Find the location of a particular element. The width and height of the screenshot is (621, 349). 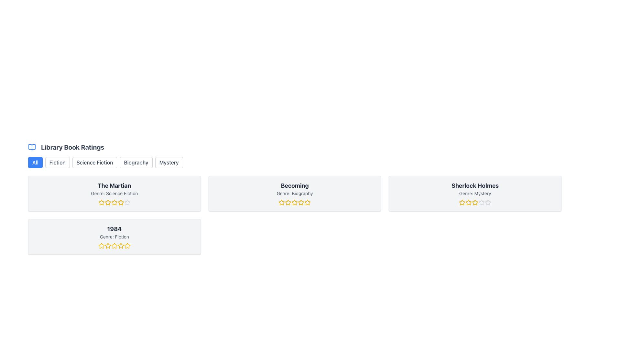

the third star in the rating row for the book '1984' is located at coordinates (108, 246).